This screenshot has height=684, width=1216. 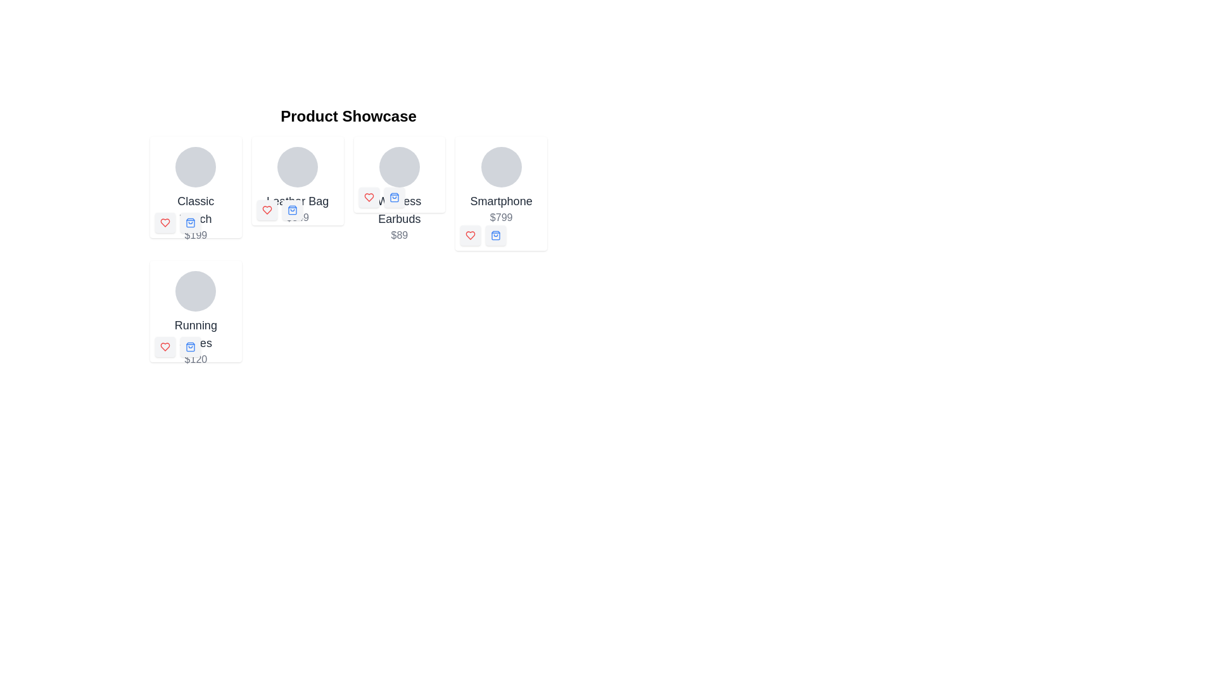 What do you see at coordinates (195, 334) in the screenshot?
I see `the static text label that displays the name of an item in the product showcase grid, located in the bottom-left product card between the circular image placeholder and the price label` at bounding box center [195, 334].